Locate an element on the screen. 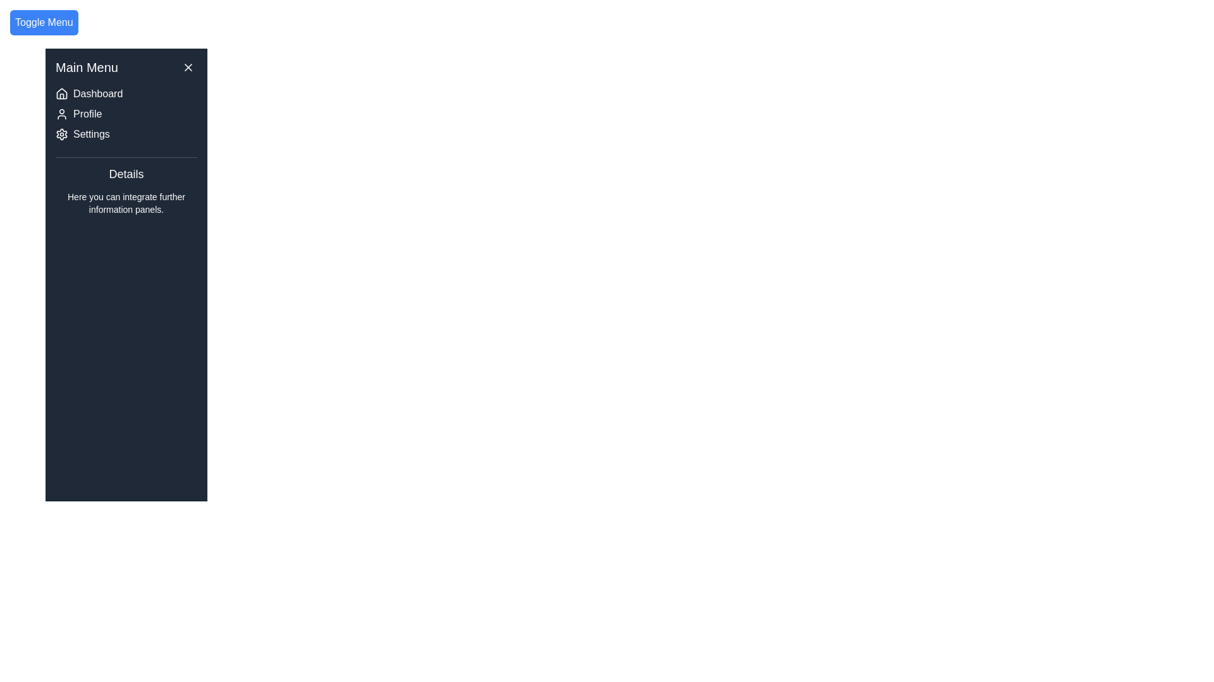 The width and height of the screenshot is (1214, 682). the 'Details' label in the vertical navigation menu, which is styled with a larger font size and aligned within a dark background panel is located at coordinates (126, 174).